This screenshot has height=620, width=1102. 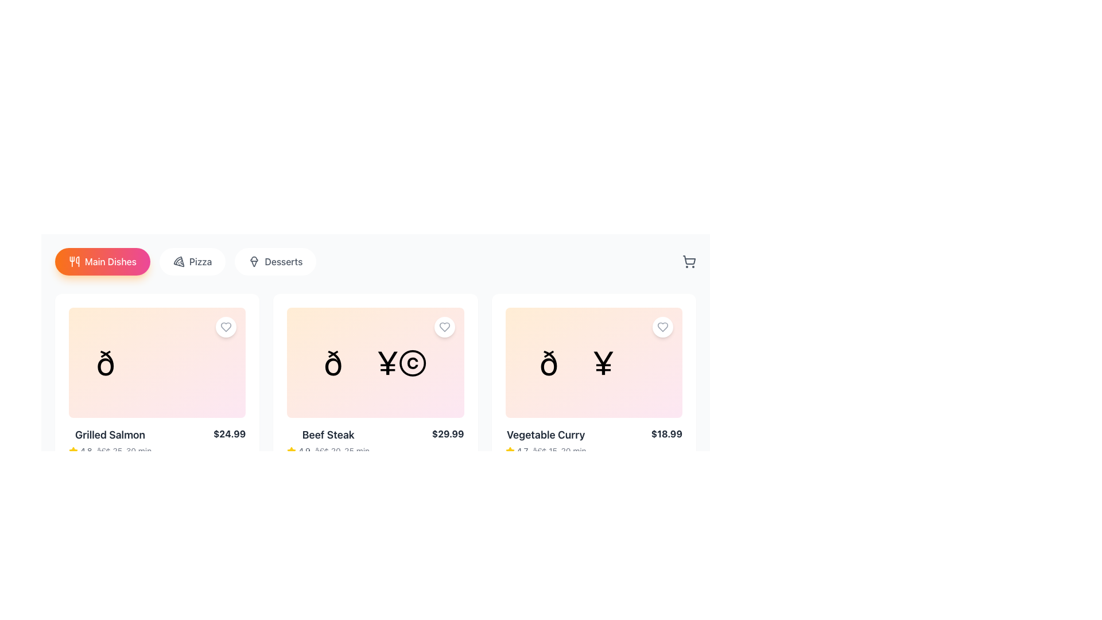 I want to click on the rating score icon located to the left of the text label '4.7', which represents the product quality score for 'Vegetable Curry', so click(x=509, y=451).